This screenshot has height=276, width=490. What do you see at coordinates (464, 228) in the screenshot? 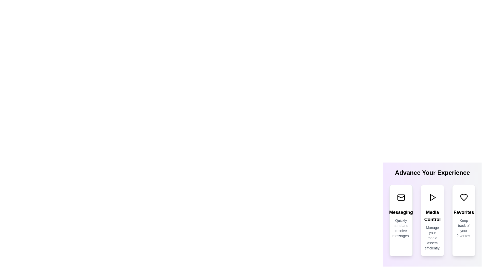
I see `the text label that reads 'Keep track of your favorites.' located within the 'Favorites' card, positioned below the 'Favorites' title` at bounding box center [464, 228].